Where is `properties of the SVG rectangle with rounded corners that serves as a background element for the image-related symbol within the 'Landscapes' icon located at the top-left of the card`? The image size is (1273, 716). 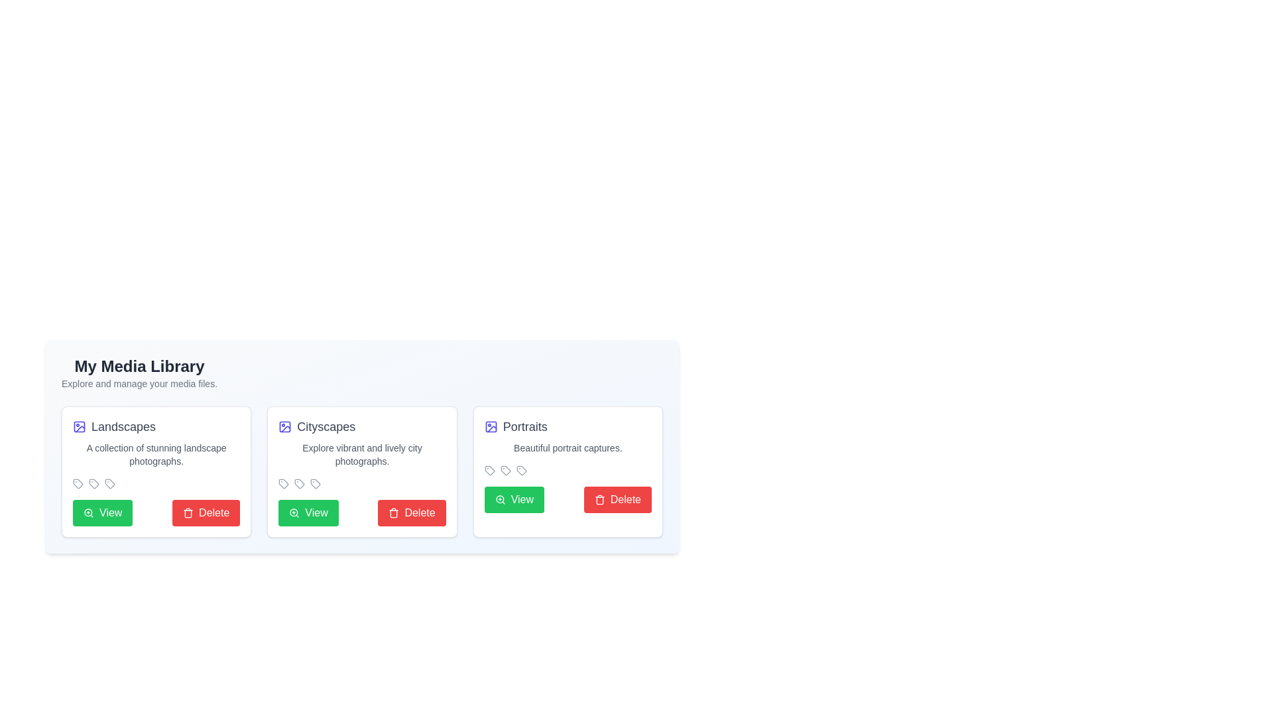
properties of the SVG rectangle with rounded corners that serves as a background element for the image-related symbol within the 'Landscapes' icon located at the top-left of the card is located at coordinates (79, 427).